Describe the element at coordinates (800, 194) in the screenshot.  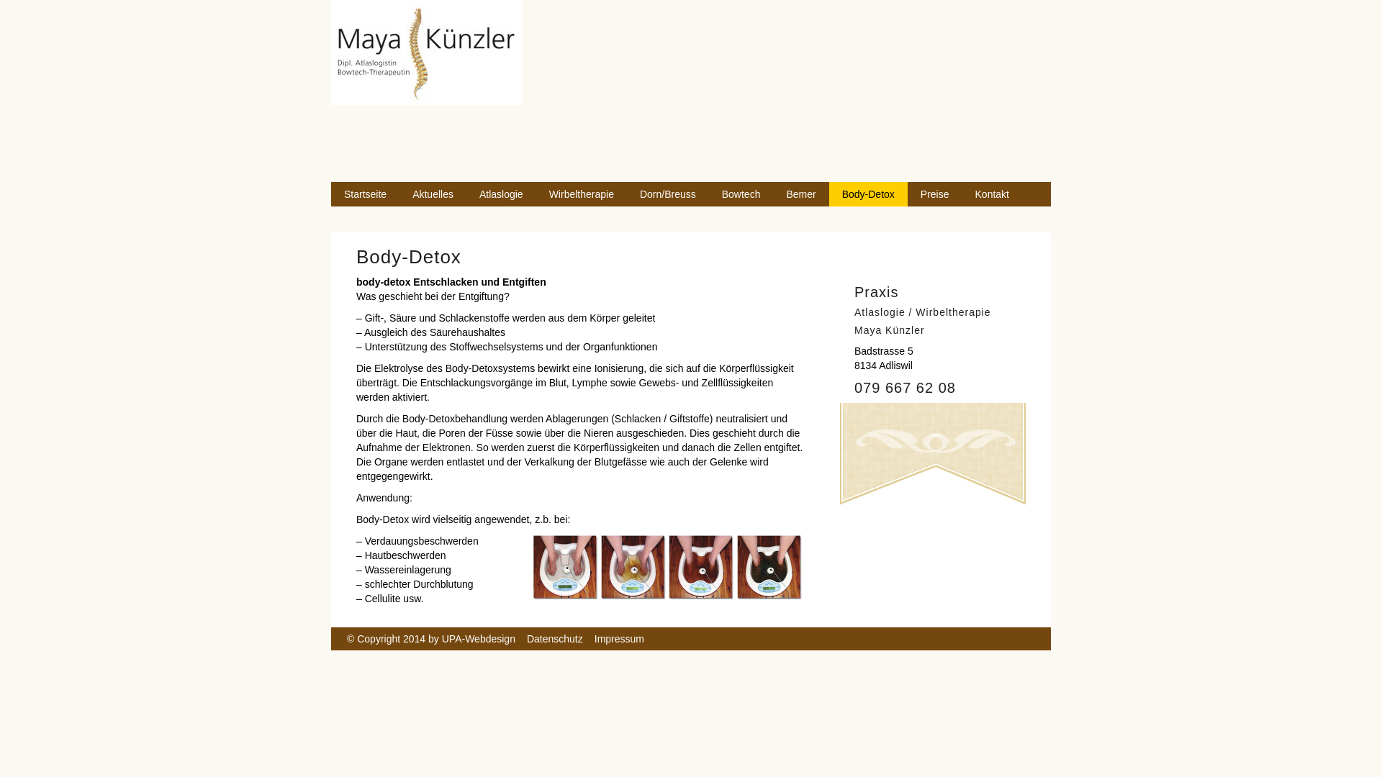
I see `'Bemer'` at that location.